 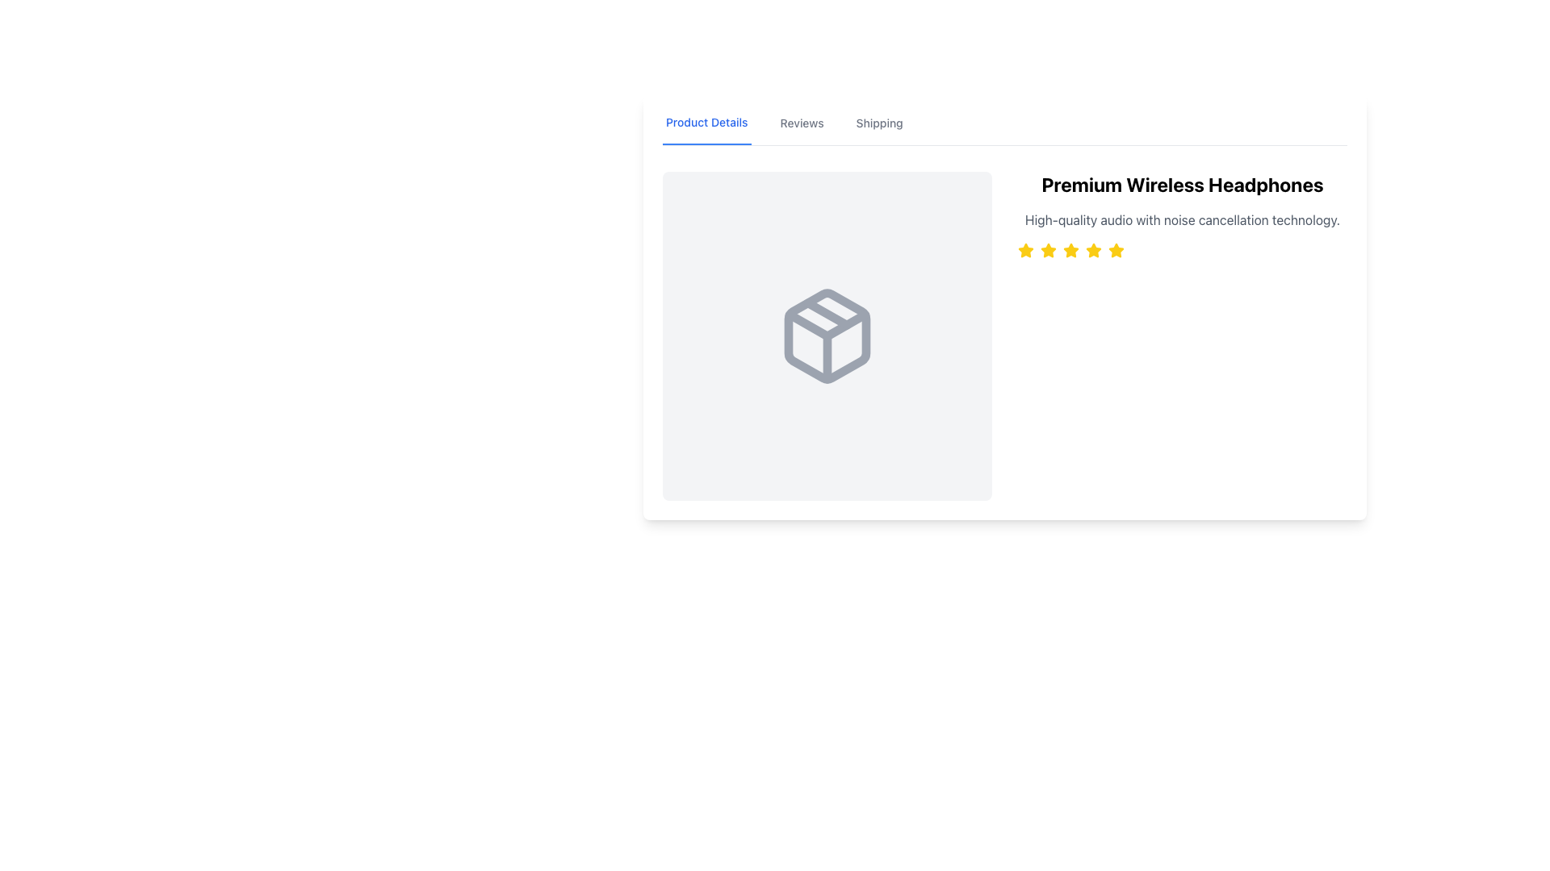 I want to click on the third star icon in the horizontal series of five star icons, which is a yellow filled star, to understand the rating, so click(x=1049, y=251).